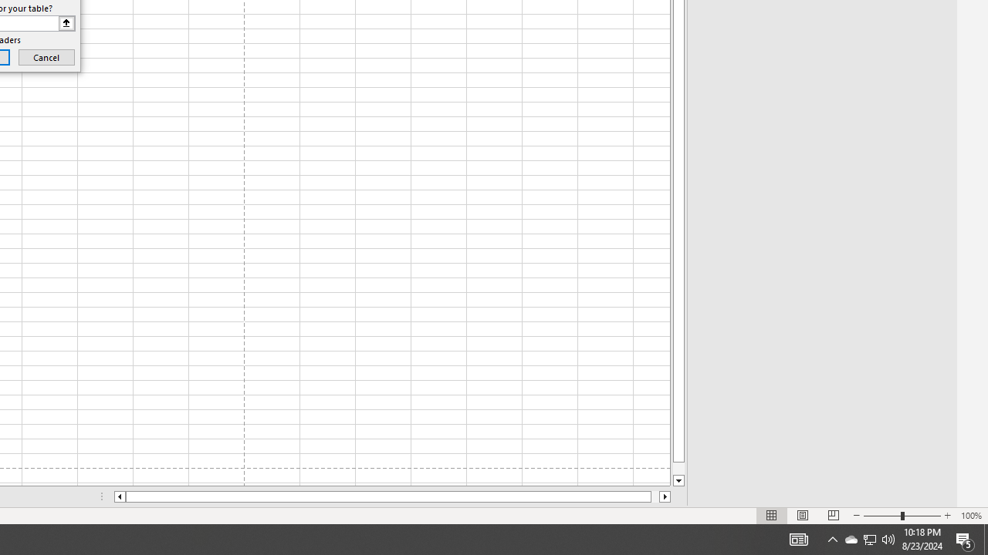 Image resolution: width=988 pixels, height=555 pixels. I want to click on 'Column left', so click(118, 496).